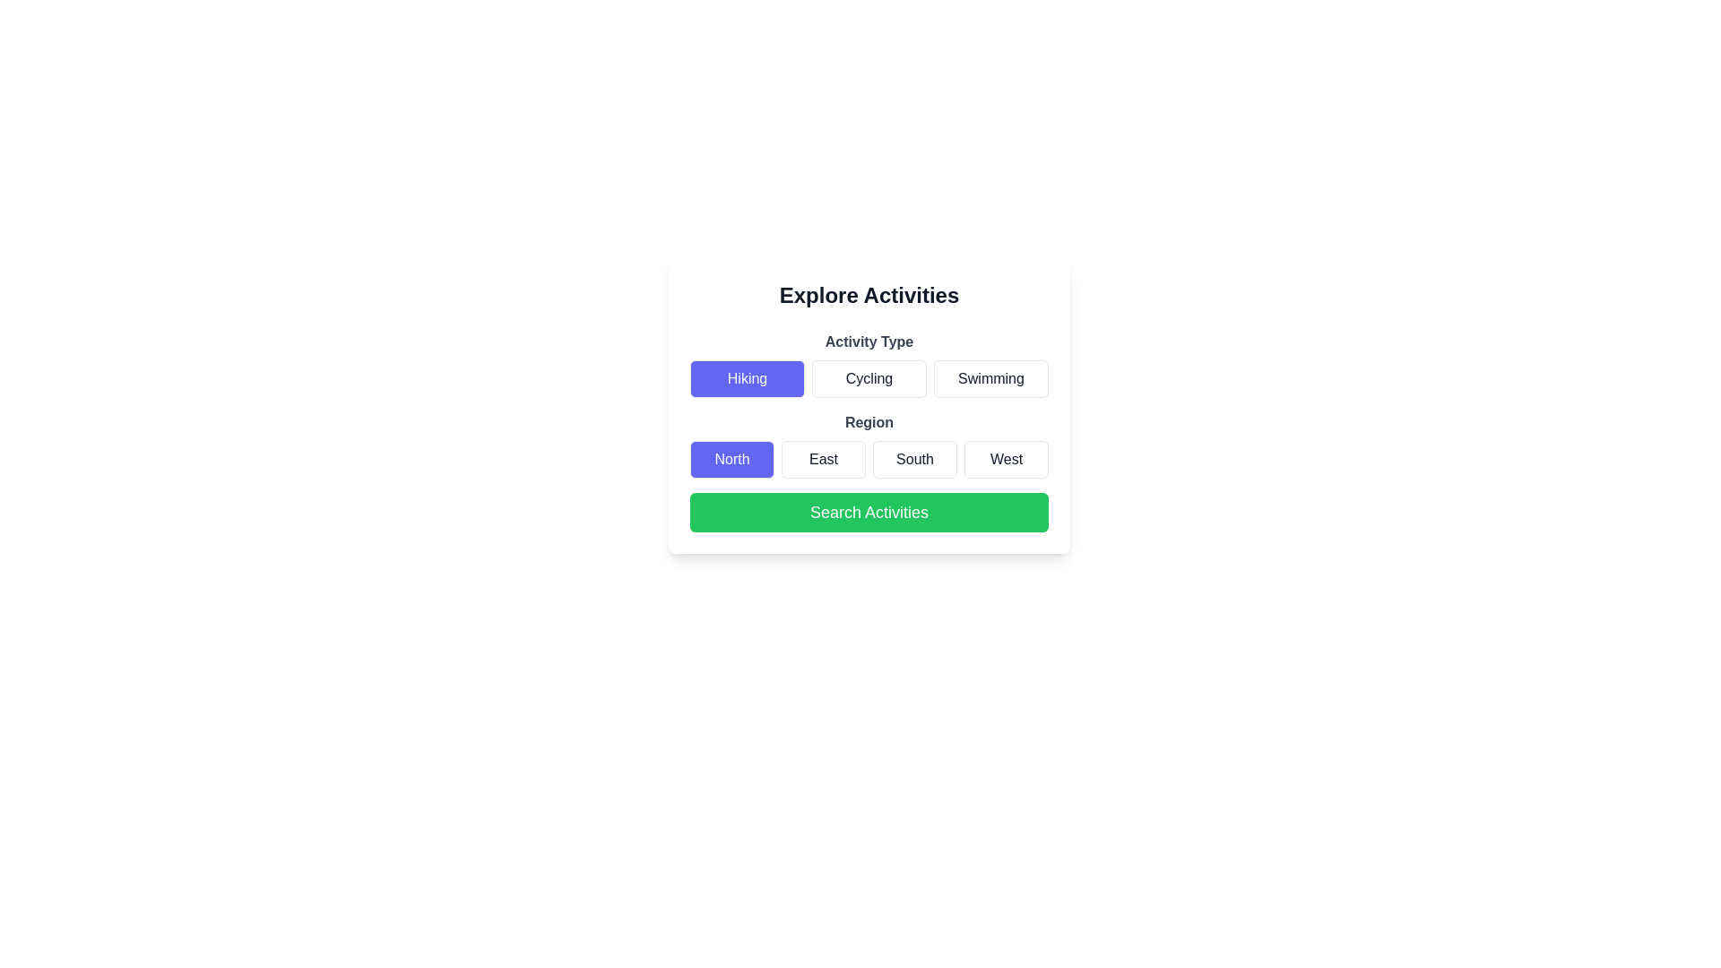  I want to click on the search button located at the bottom of the 'Explore Activities' panel, so click(869, 512).